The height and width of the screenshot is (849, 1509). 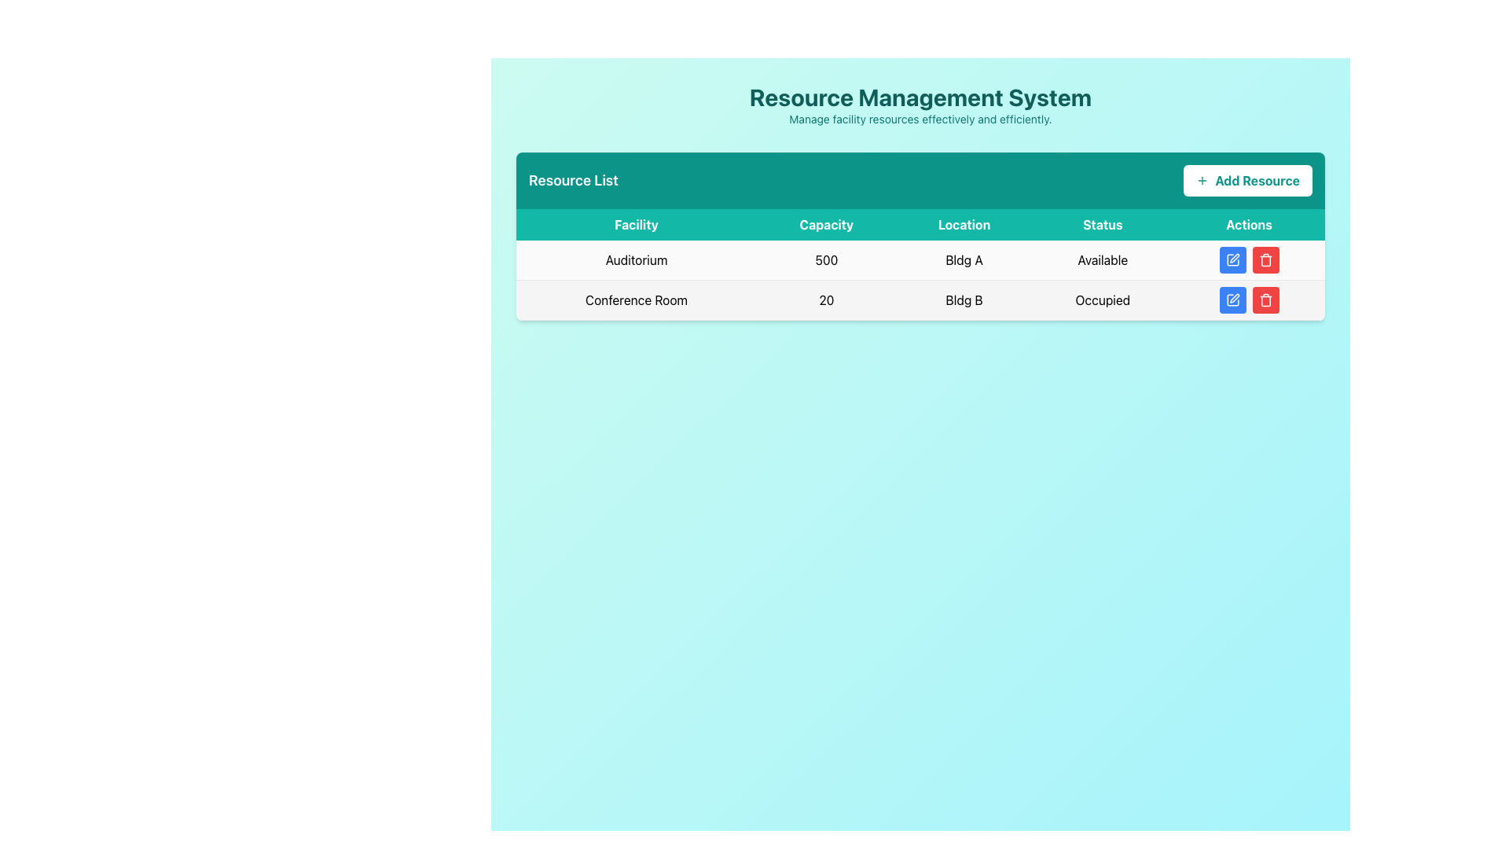 I want to click on the first button in the 'Actions' column of the 'Resource List' table, so click(x=1232, y=259).